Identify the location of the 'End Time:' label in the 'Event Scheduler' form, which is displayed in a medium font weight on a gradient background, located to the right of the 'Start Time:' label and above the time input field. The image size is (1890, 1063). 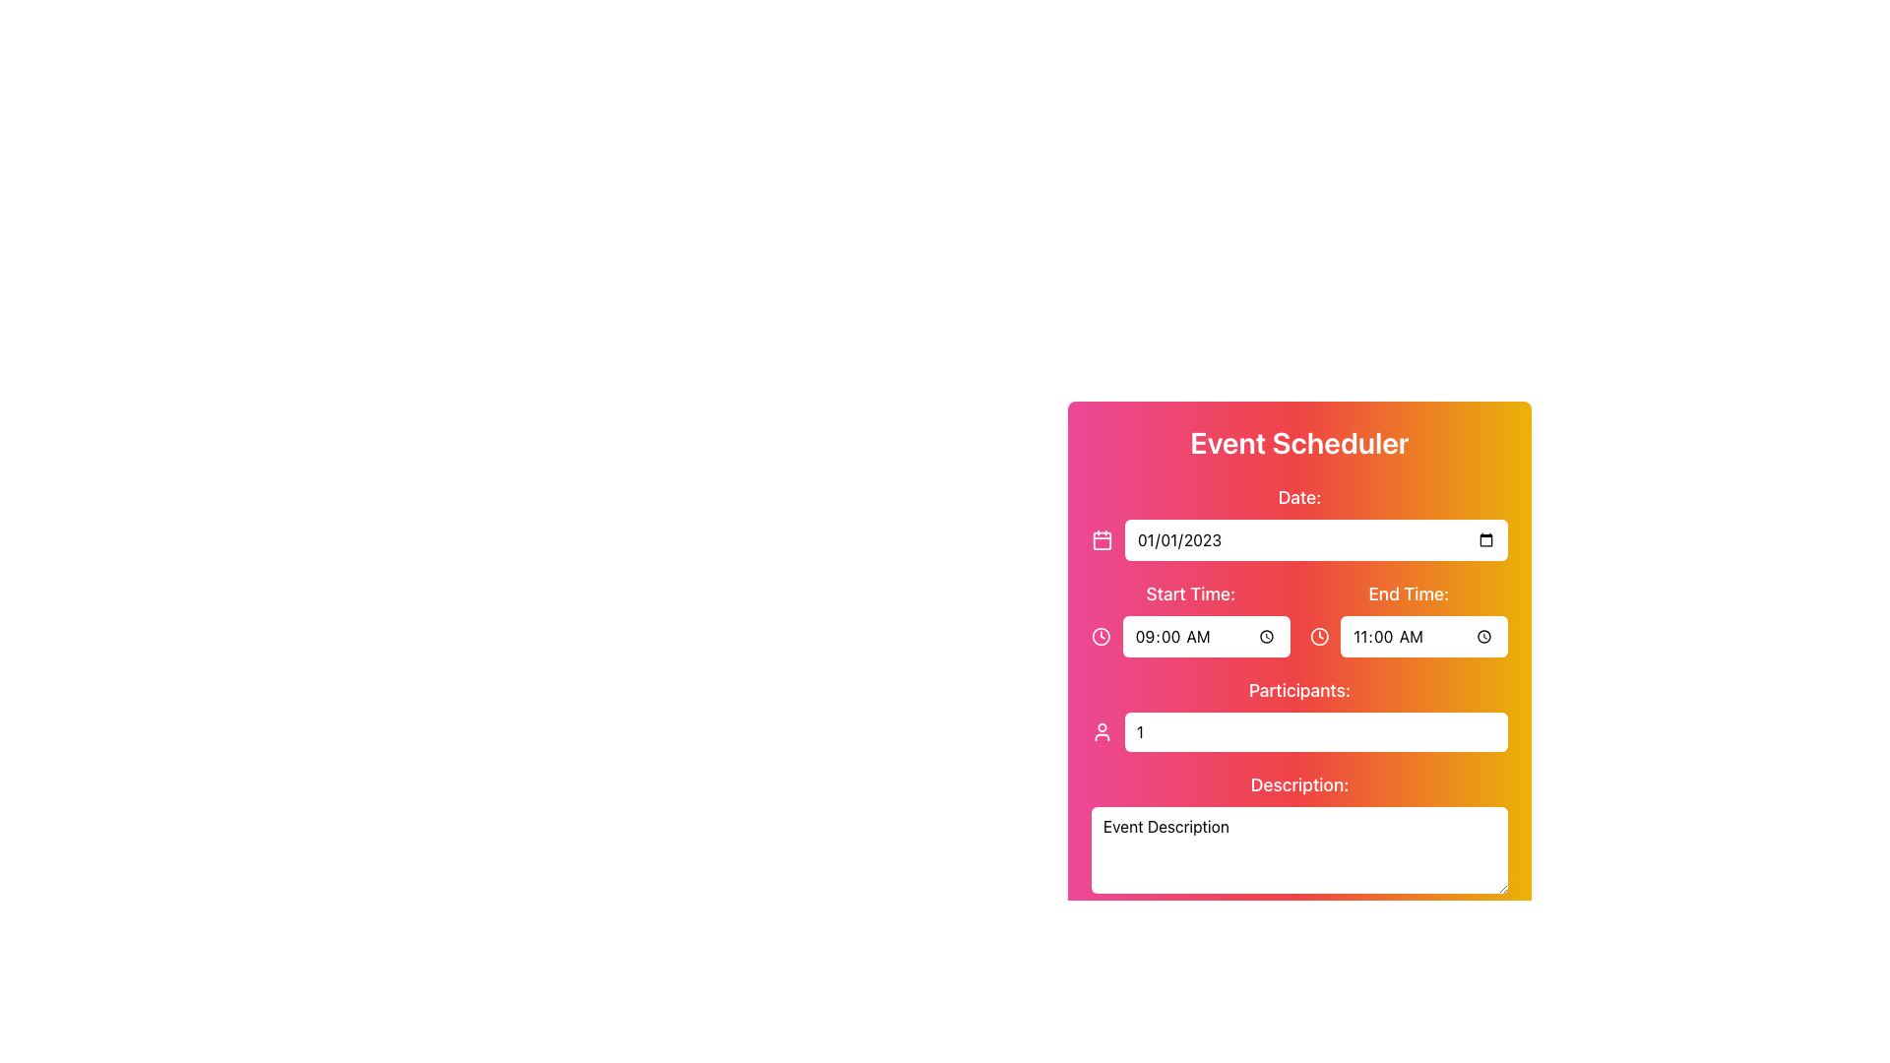
(1408, 594).